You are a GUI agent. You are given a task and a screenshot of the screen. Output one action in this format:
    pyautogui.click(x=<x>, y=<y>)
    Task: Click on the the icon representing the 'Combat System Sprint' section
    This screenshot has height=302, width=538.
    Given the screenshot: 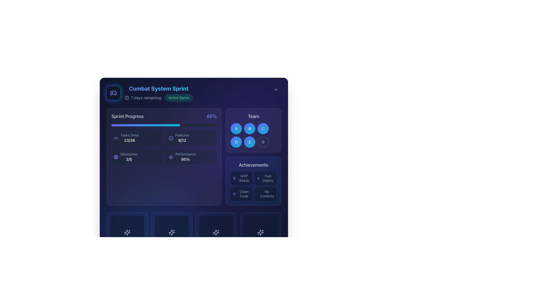 What is the action you would take?
    pyautogui.click(x=113, y=93)
    